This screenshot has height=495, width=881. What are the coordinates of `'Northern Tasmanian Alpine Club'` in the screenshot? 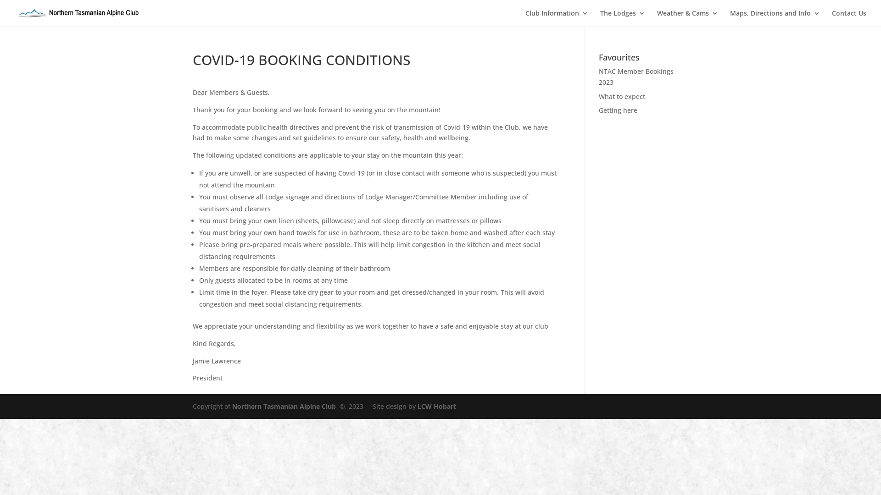 It's located at (232, 406).